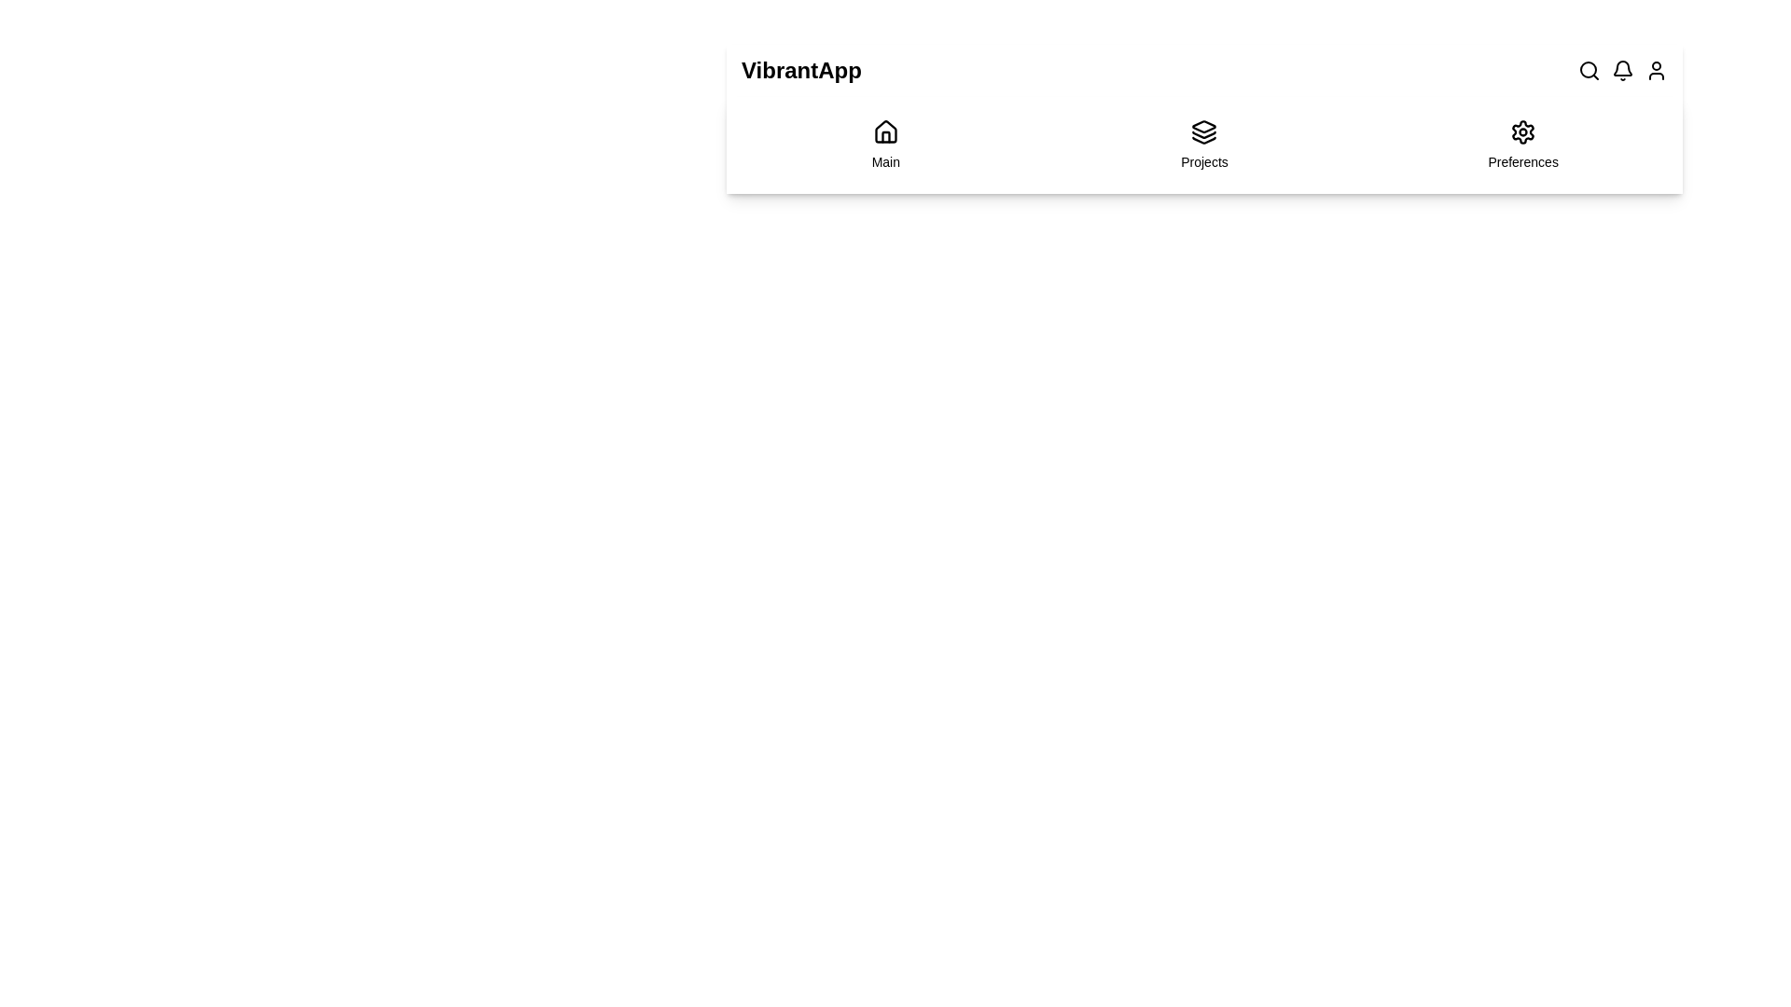 Image resolution: width=1791 pixels, height=1007 pixels. What do you see at coordinates (1657, 70) in the screenshot?
I see `the user icon to access user-related options` at bounding box center [1657, 70].